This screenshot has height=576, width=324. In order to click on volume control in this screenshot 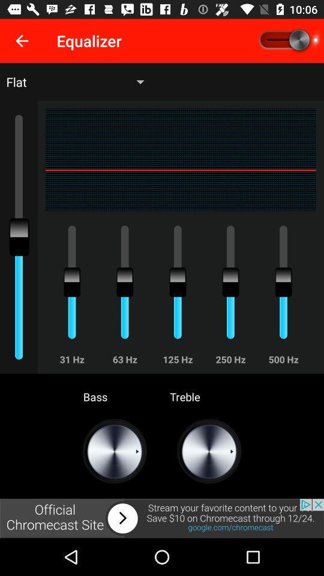, I will do `click(287, 41)`.